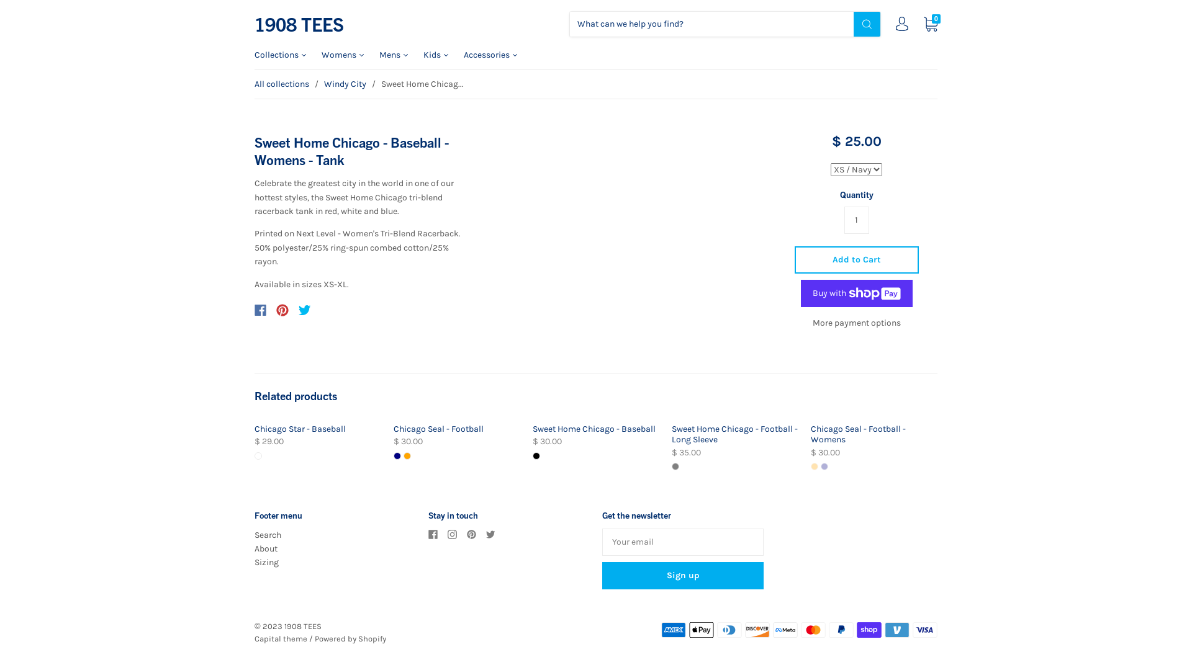 Image resolution: width=1192 pixels, height=670 pixels. What do you see at coordinates (856, 322) in the screenshot?
I see `'More payment options'` at bounding box center [856, 322].